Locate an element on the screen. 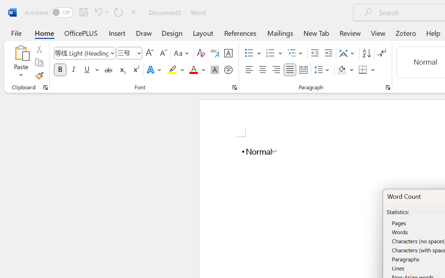  'Borders' is located at coordinates (363, 70).